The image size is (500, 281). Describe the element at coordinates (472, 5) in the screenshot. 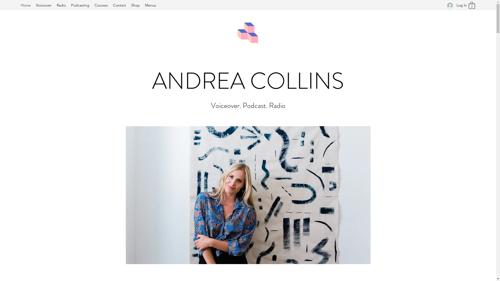

I see `'0'` at that location.